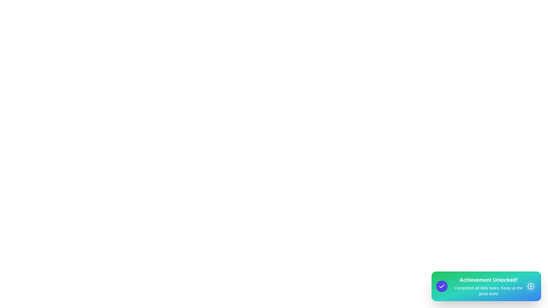  What do you see at coordinates (531, 286) in the screenshot?
I see `the close button to dismiss the snackbar` at bounding box center [531, 286].